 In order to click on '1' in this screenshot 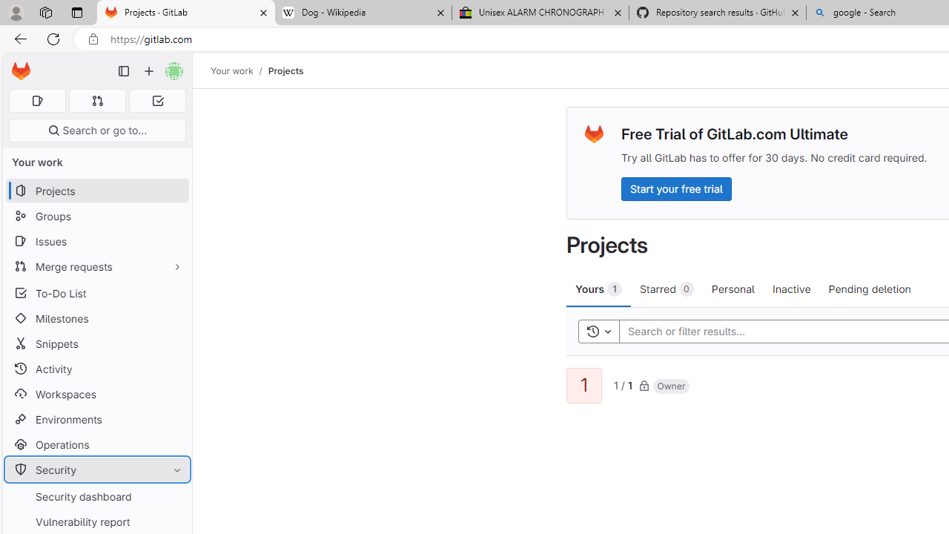, I will do `click(583, 384)`.